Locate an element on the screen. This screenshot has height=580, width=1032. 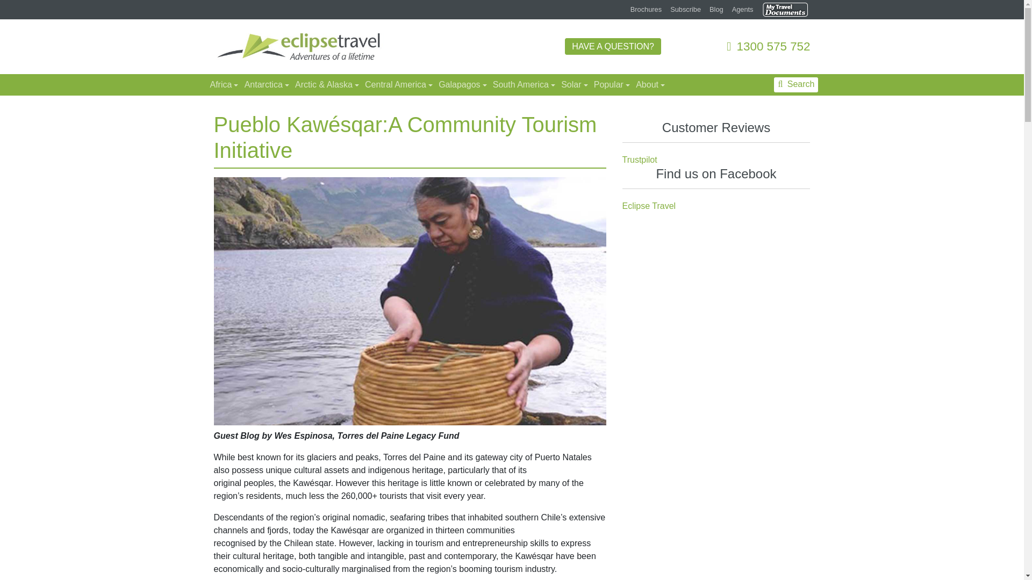
'1300 575 752' is located at coordinates (768, 46).